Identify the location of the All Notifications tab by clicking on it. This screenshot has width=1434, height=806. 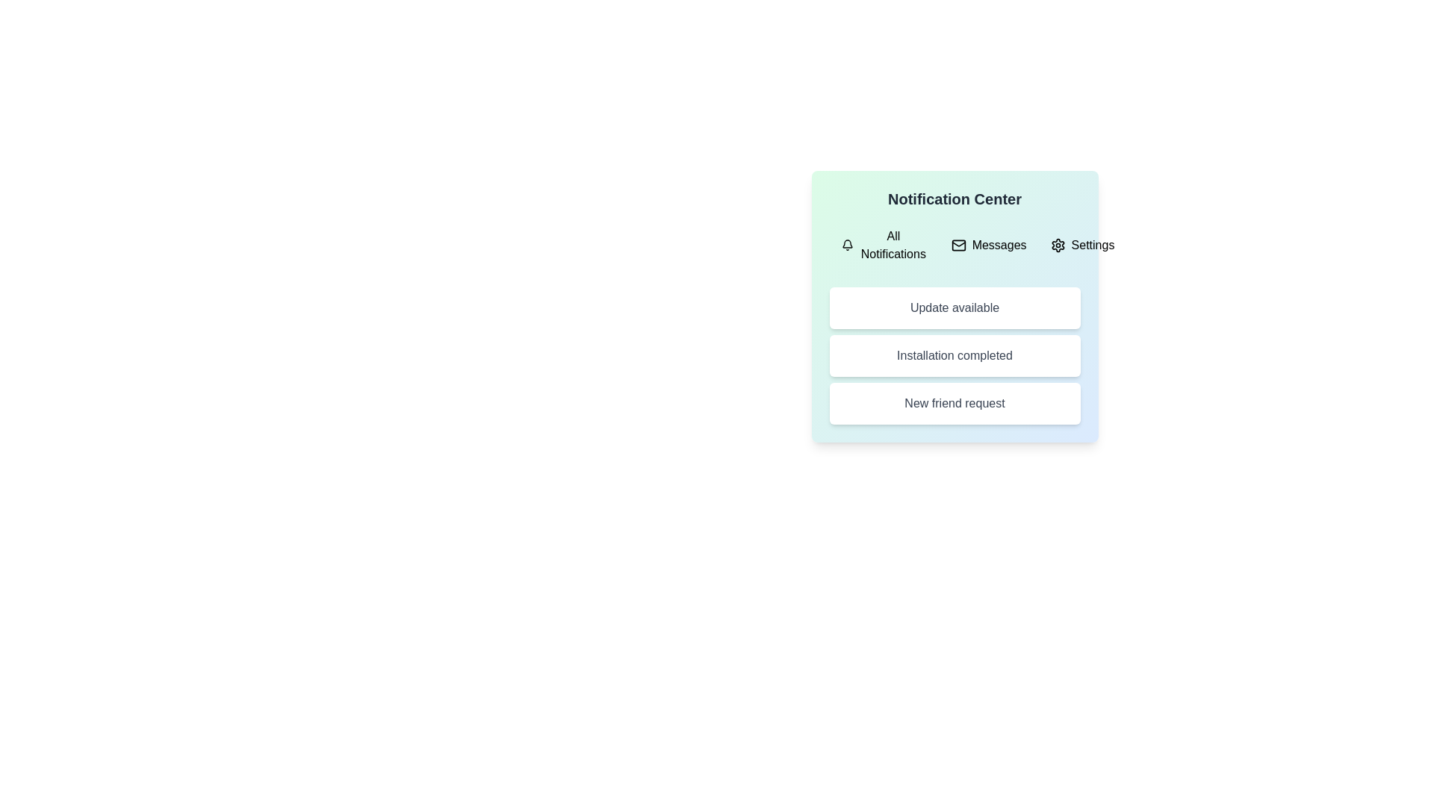
(884, 244).